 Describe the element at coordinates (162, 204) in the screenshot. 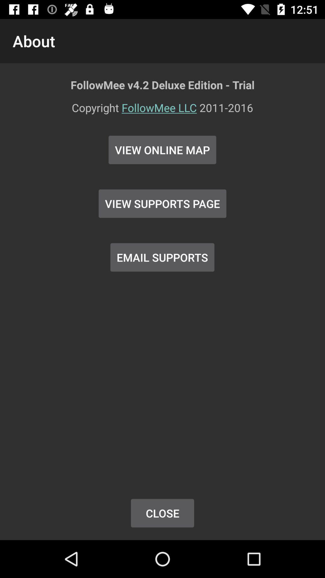

I see `item below the view online map item` at that location.